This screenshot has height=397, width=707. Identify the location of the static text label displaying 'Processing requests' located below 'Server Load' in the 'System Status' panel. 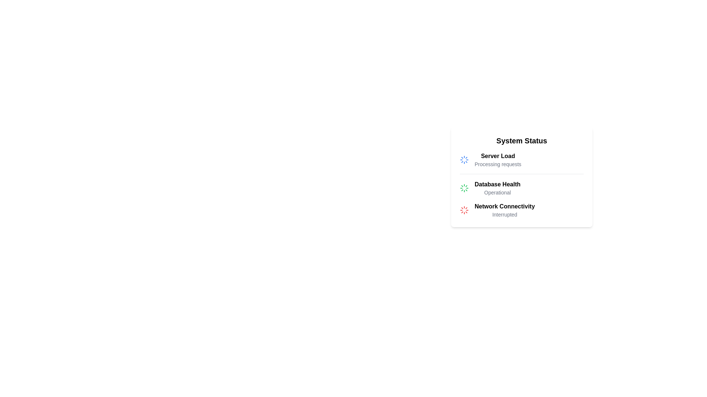
(498, 164).